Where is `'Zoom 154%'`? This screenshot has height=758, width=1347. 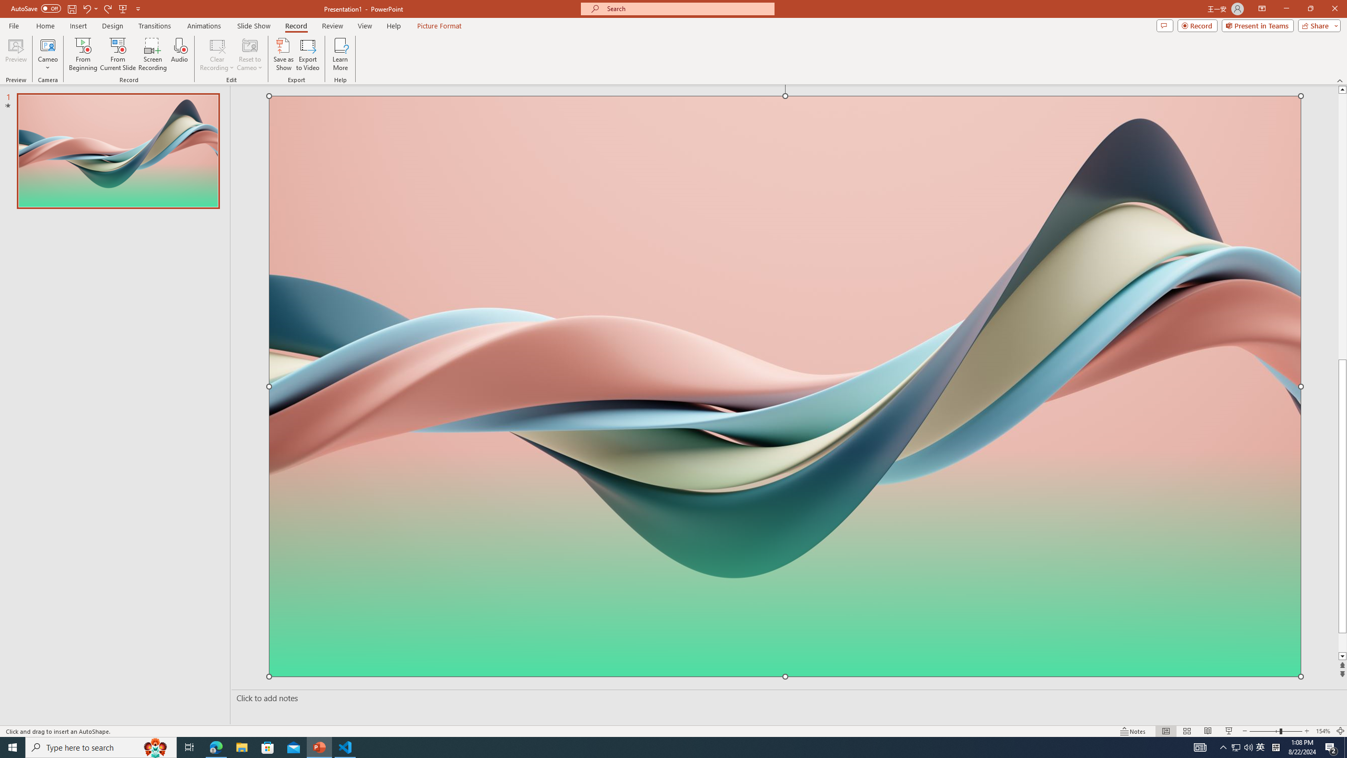 'Zoom 154%' is located at coordinates (1323, 731).